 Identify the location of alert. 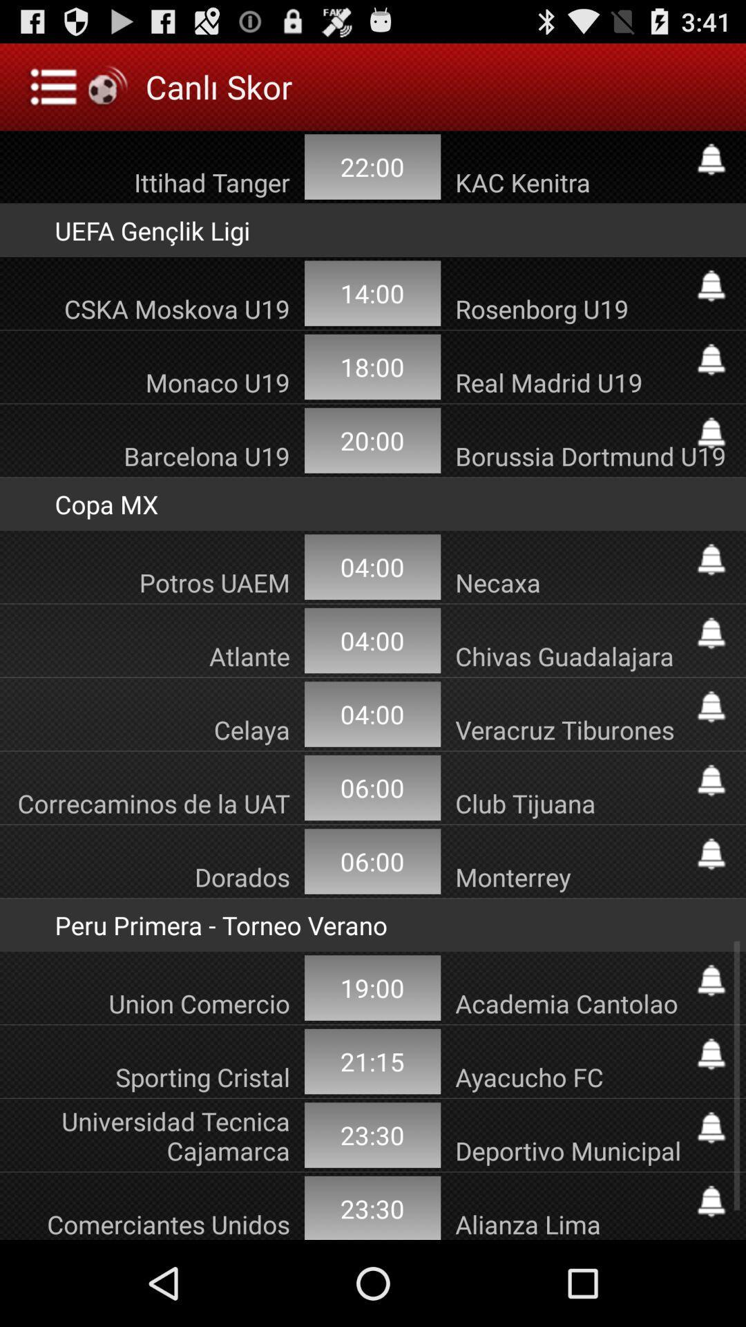
(711, 780).